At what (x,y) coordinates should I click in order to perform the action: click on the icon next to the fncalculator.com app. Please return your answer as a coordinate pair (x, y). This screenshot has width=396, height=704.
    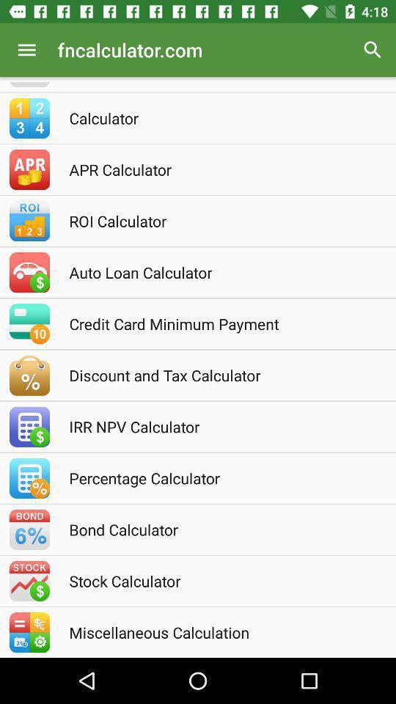
    Looking at the image, I should click on (26, 50).